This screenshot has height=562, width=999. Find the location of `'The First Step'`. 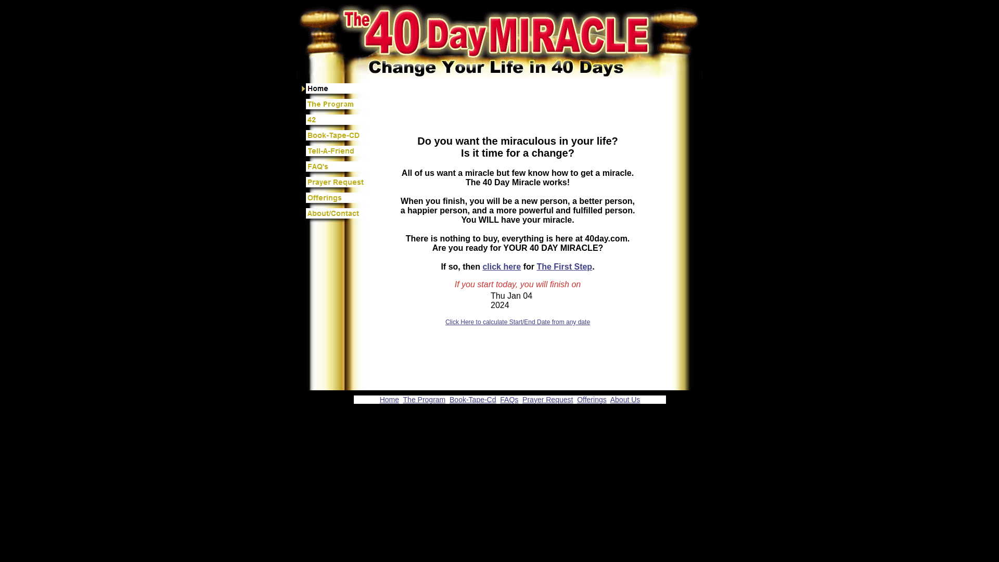

'The First Step' is located at coordinates (563, 266).